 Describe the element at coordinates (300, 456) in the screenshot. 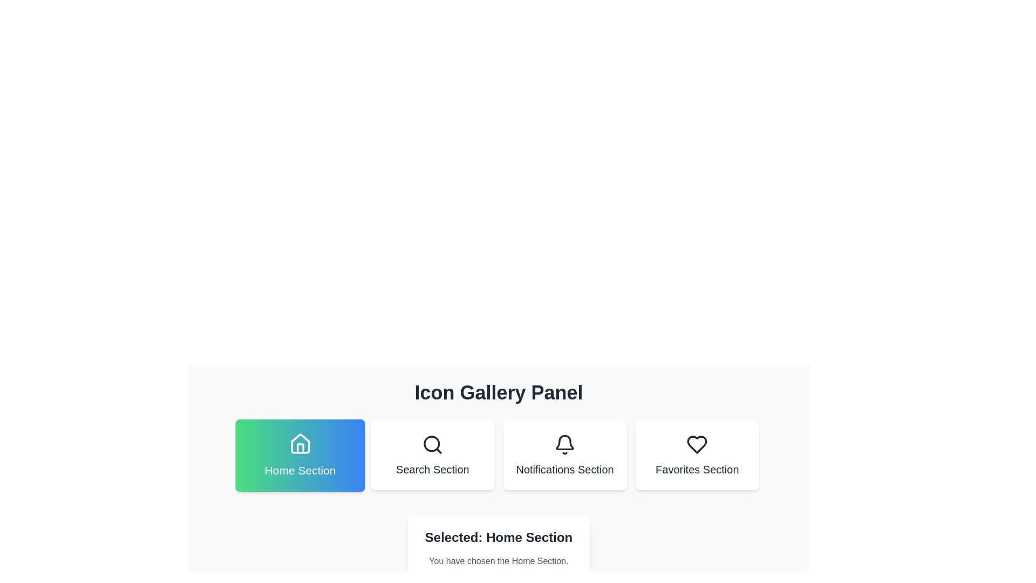

I see `the 'Home Section' button, which is the first card in the grid layout of the 'Icon Gallery Panel'` at that location.